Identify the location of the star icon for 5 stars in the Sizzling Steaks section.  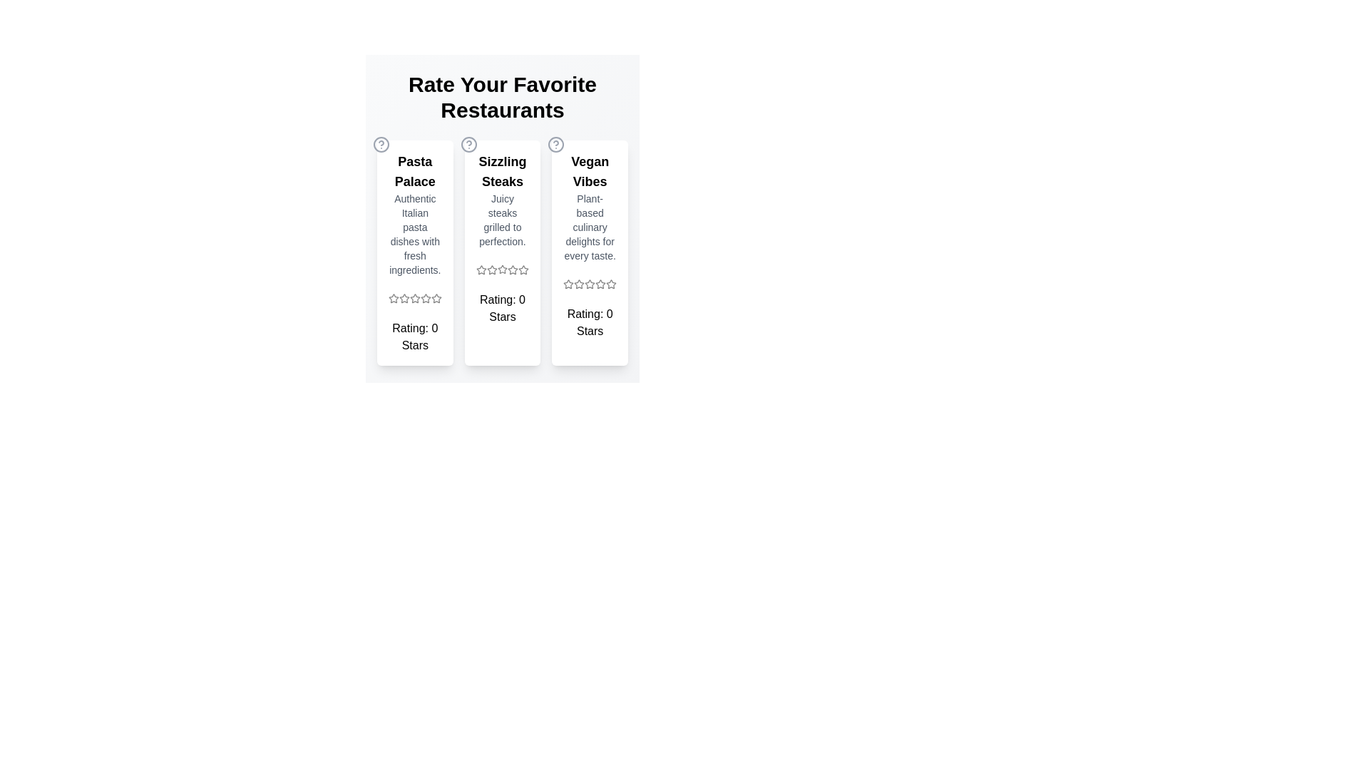
(523, 269).